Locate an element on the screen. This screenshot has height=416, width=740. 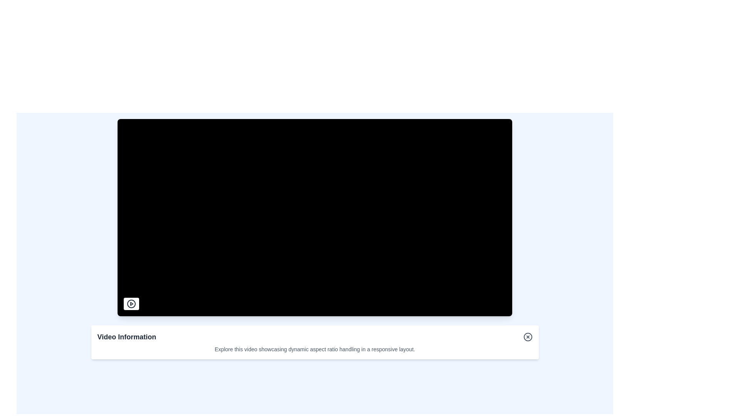
the text label displaying 'Explore this video showcasing dynamic aspect ratio handling in a responsive layout.' which is styled with a smaller font size and gray color, located below the title 'Video Information' is located at coordinates (314, 349).